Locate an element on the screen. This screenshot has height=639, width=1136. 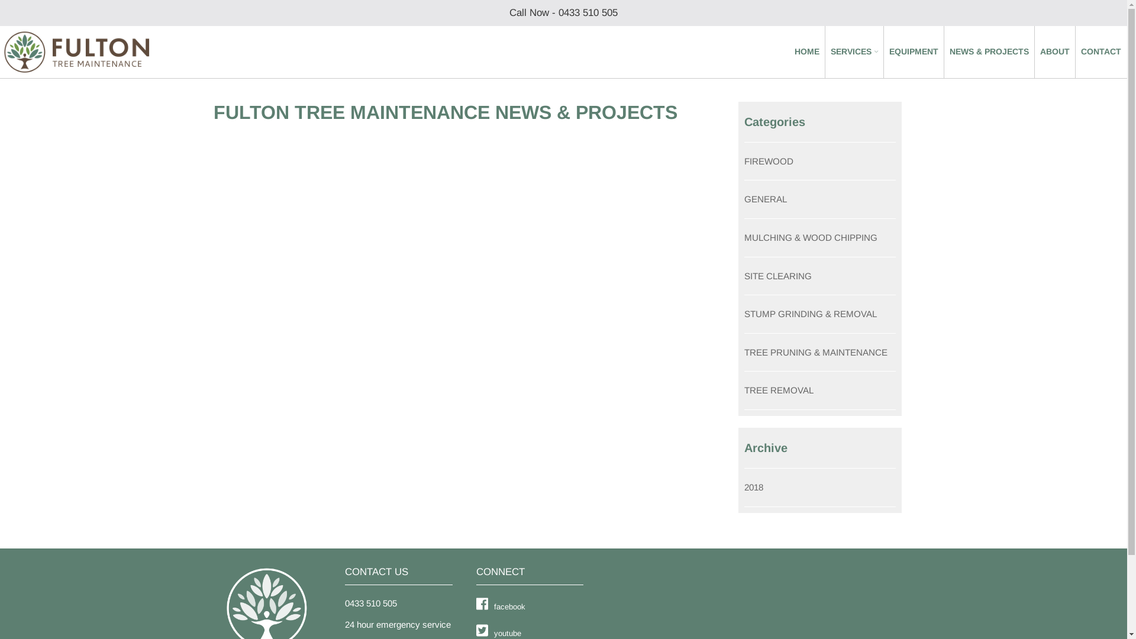
'GENERAL' is located at coordinates (743, 198).